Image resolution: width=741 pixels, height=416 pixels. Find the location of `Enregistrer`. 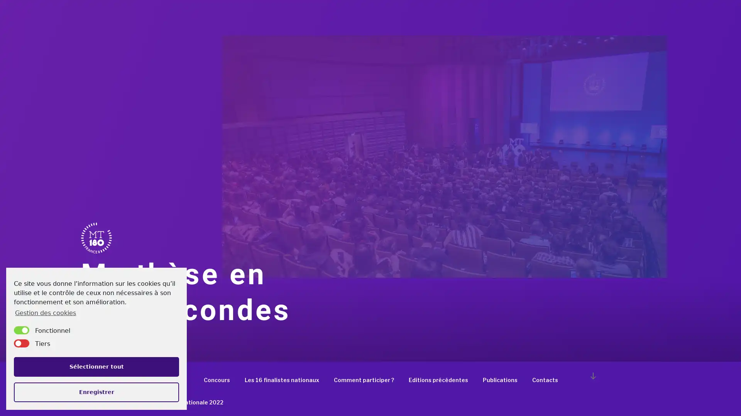

Enregistrer is located at coordinates (96, 392).